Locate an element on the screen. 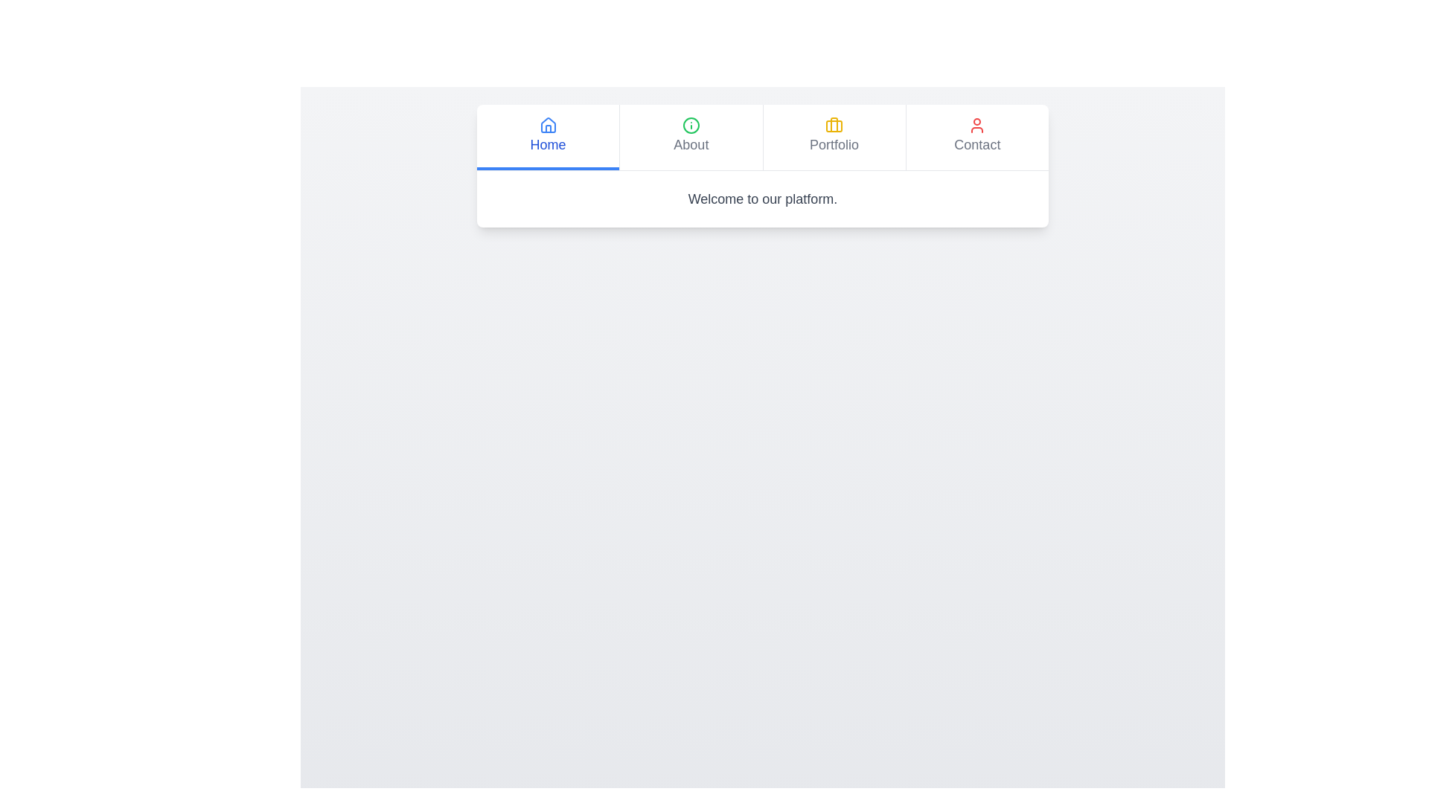 The height and width of the screenshot is (803, 1429). the tab labeled 'About' to observe the visual feedback is located at coordinates (690, 138).